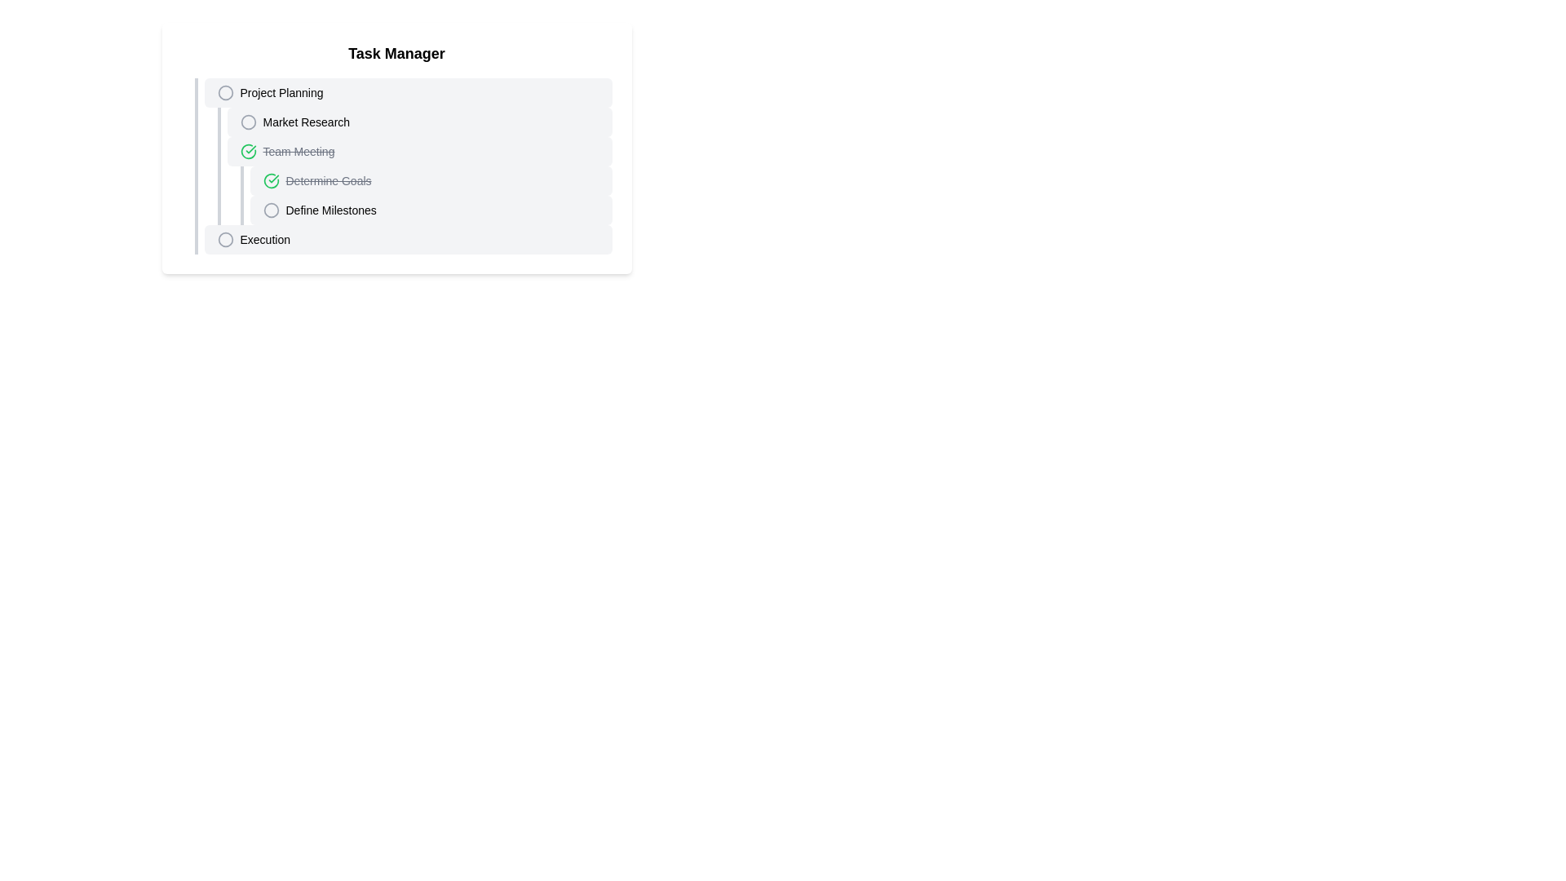  What do you see at coordinates (419, 194) in the screenshot?
I see `the status of the List item group under the 'Team Meeting' section, which includes 'Determine Goals' (completed) and 'Define Milestones' (pending)` at bounding box center [419, 194].